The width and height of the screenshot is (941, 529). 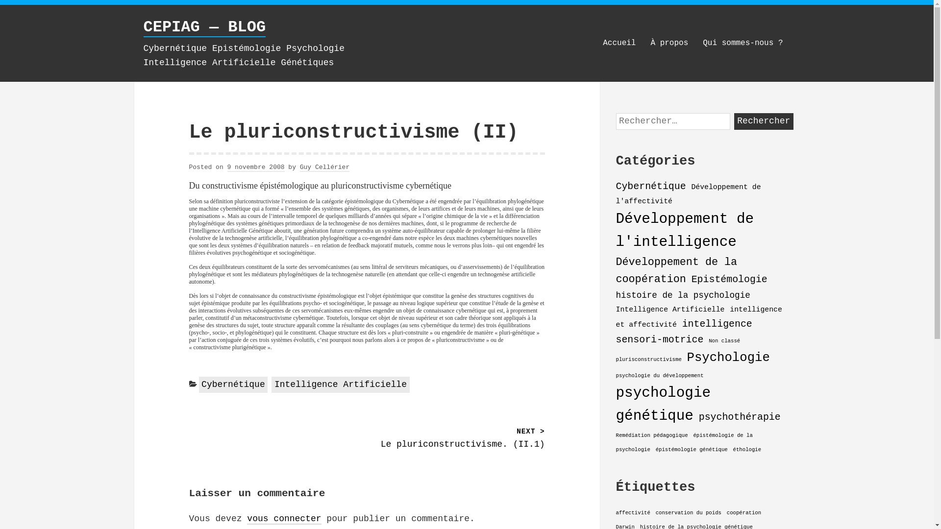 I want to click on 'NEXT >, so click(x=455, y=438).